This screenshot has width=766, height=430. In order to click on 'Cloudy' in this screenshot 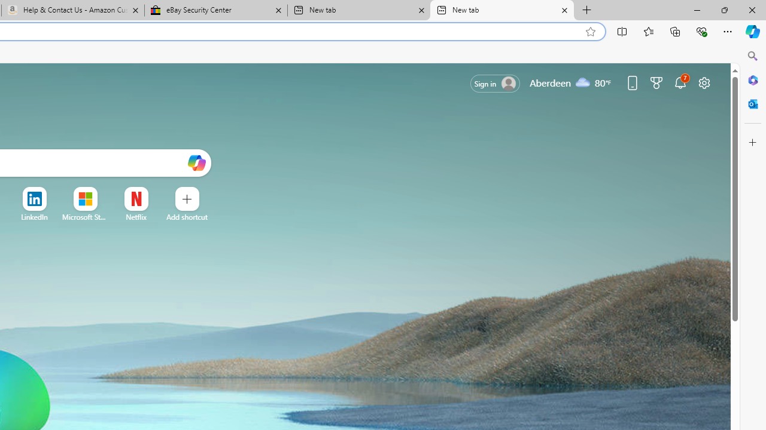, I will do `click(583, 81)`.